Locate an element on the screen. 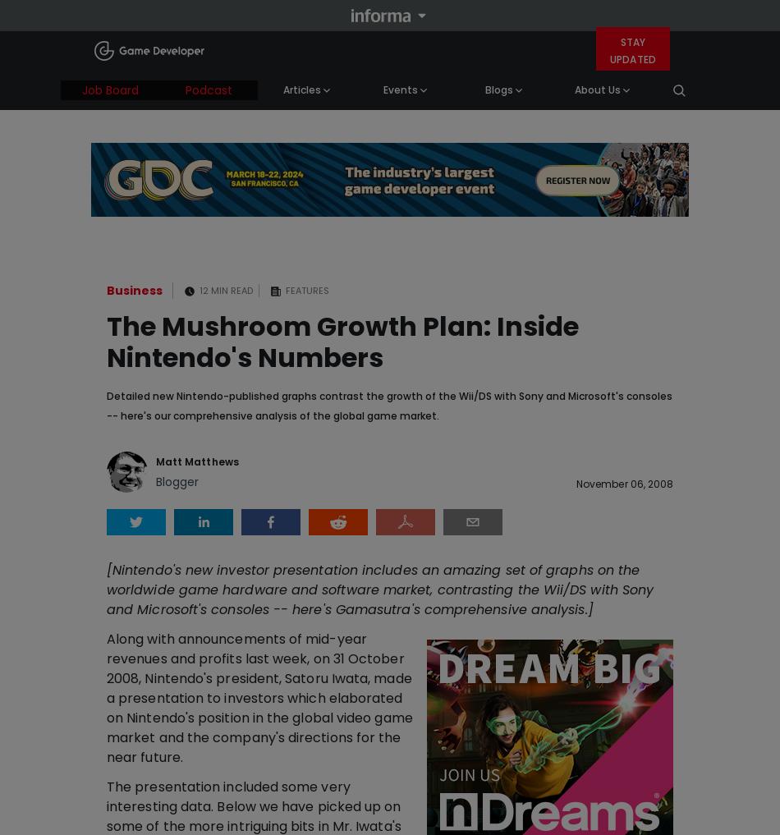  'Blogger' is located at coordinates (177, 479).